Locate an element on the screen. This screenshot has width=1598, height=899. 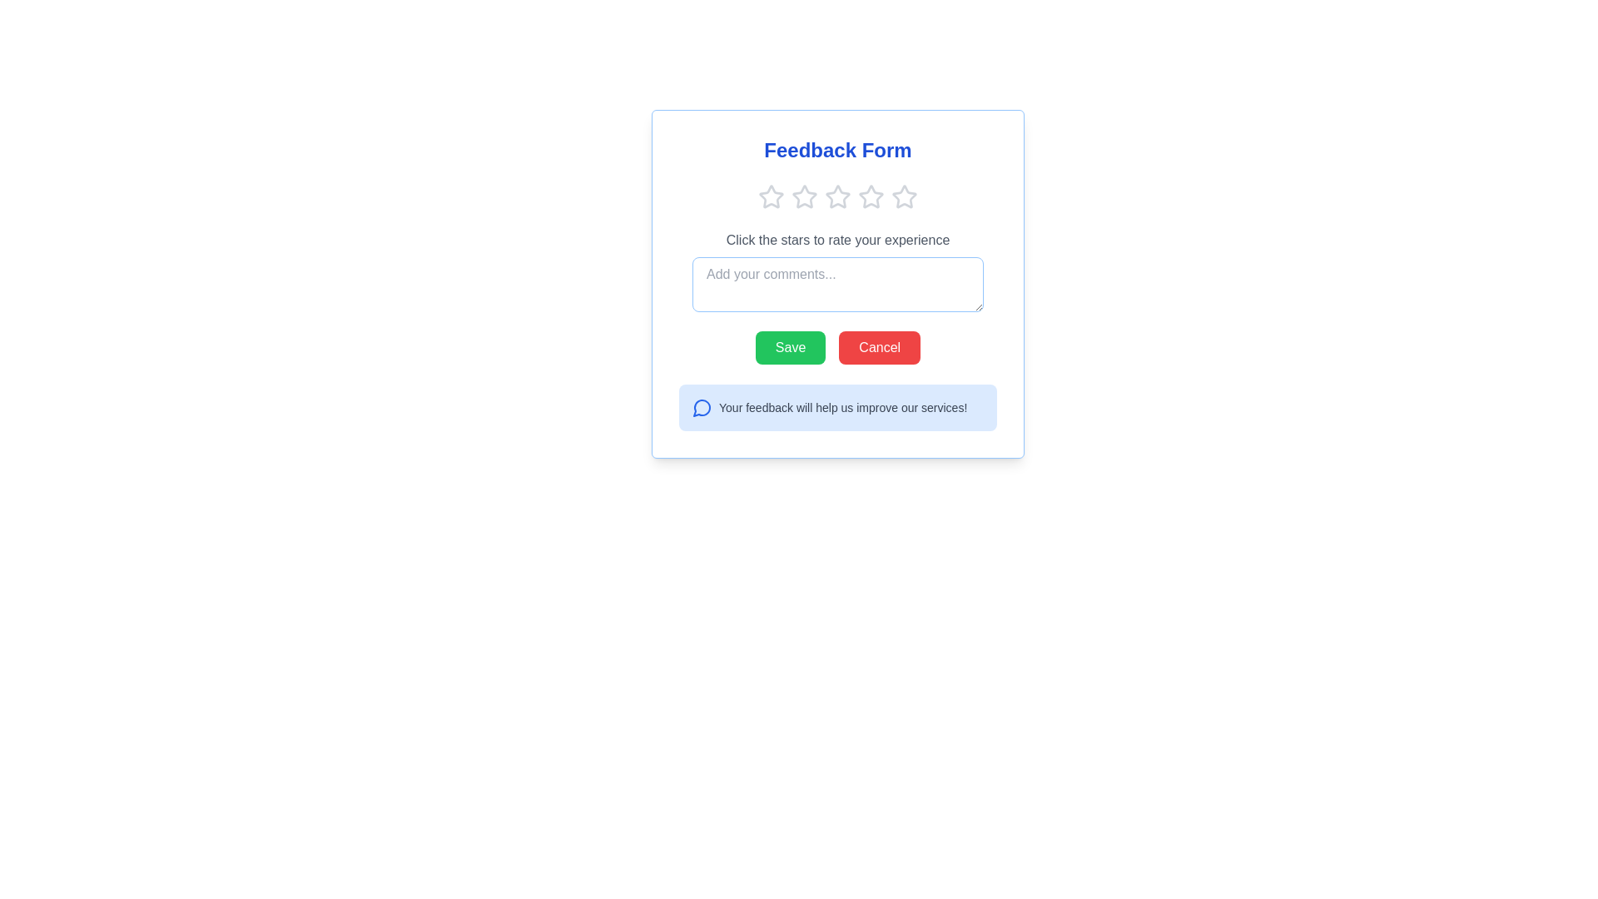
the save button located at the bottom center of the feedback form interface to change its background color is located at coordinates (790, 346).